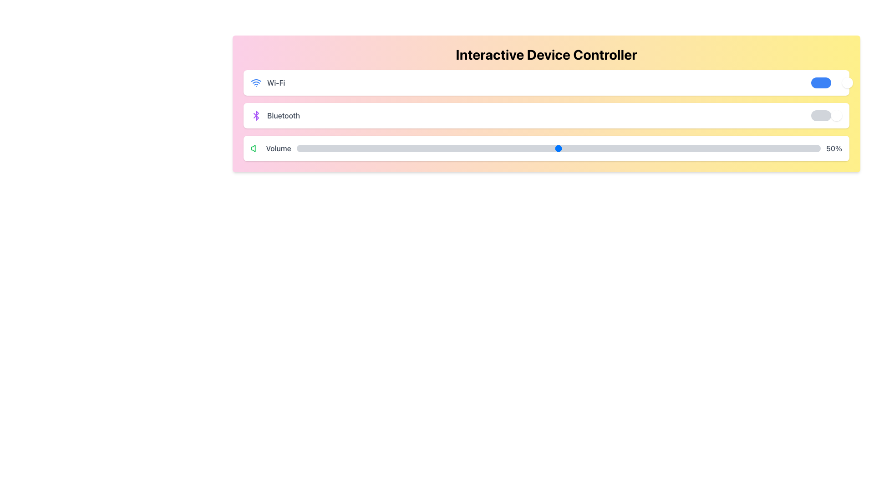 The height and width of the screenshot is (492, 874). What do you see at coordinates (821, 115) in the screenshot?
I see `the toggle background for the Bluetooth switch, which visually indicates the on/off state of the toggle when interacted with` at bounding box center [821, 115].